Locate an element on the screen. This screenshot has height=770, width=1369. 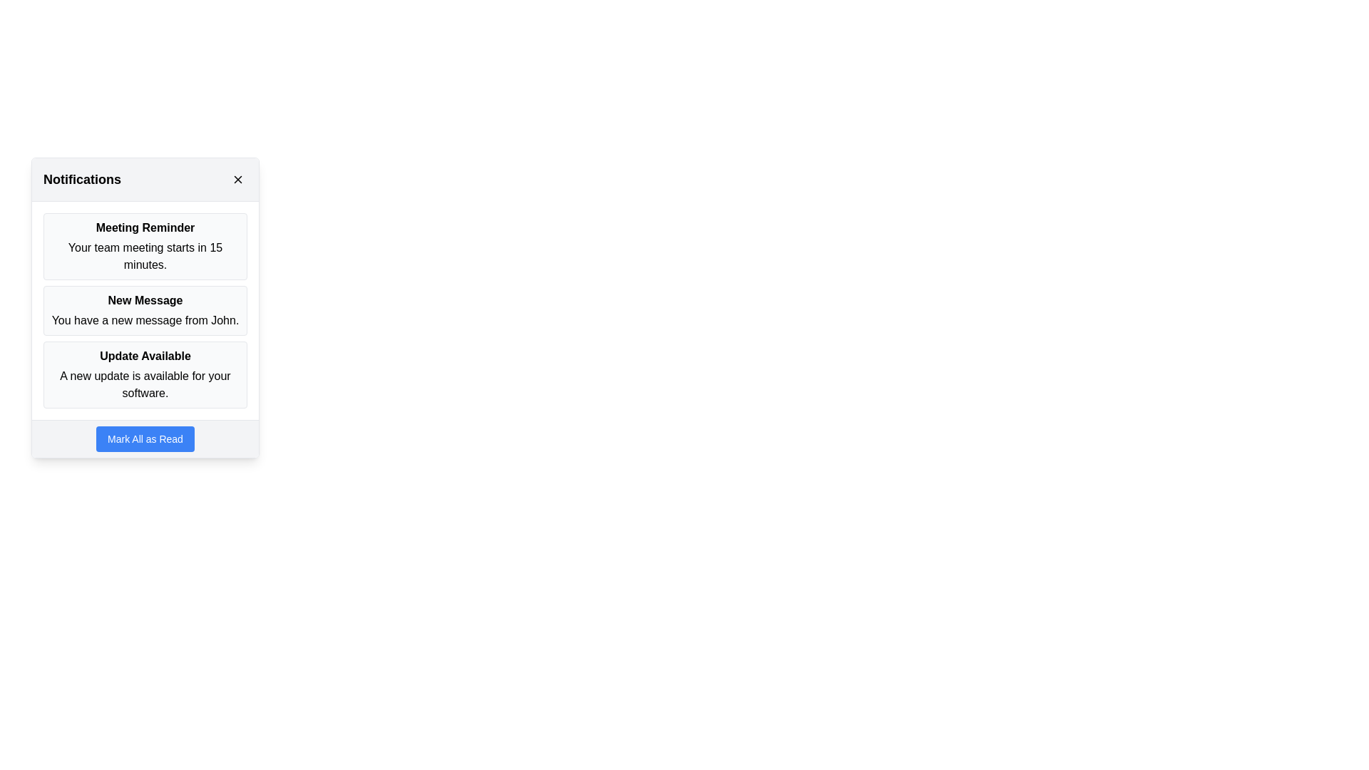
the text element that contains the message 'Your team meeting starts in 15 minutes.' which is located beneath the 'Meeting Reminder' heading in the first notification block of the 'Notifications' panel is located at coordinates (145, 255).